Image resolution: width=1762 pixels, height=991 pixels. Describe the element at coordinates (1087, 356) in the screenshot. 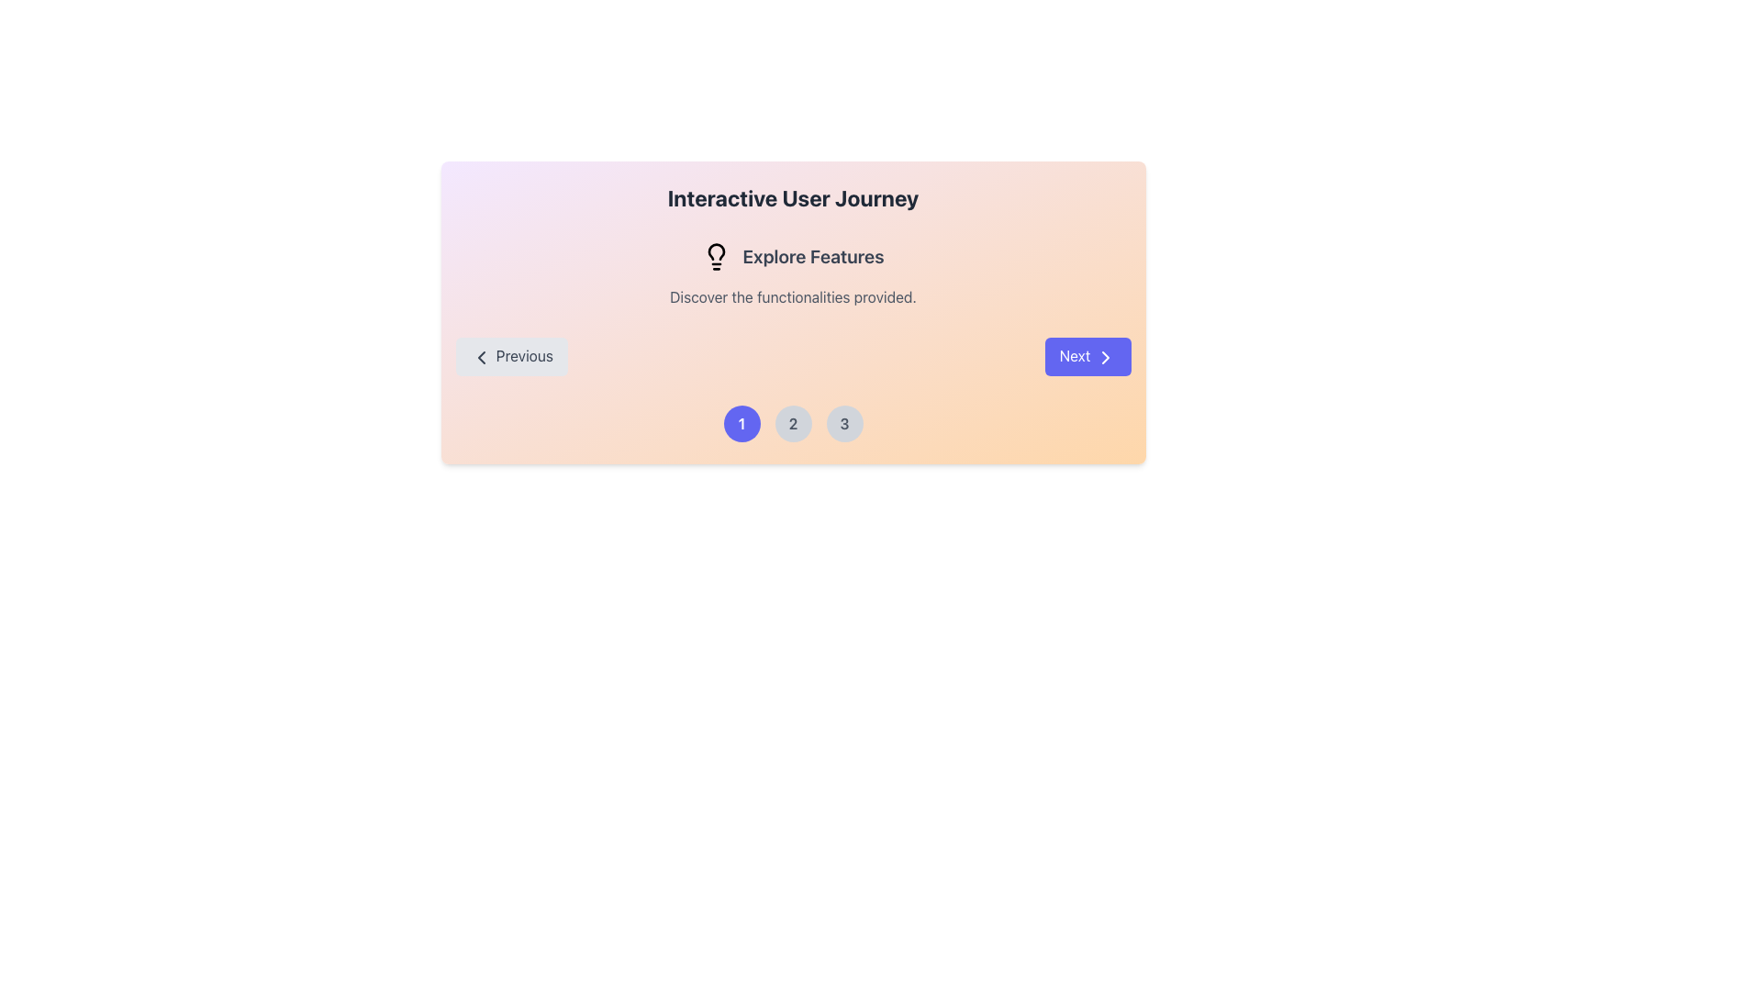

I see `the navigation button located at the bottom right of the panel to activate hover effects, which will visually indicate that the button is interactive and ready for clicking` at that location.